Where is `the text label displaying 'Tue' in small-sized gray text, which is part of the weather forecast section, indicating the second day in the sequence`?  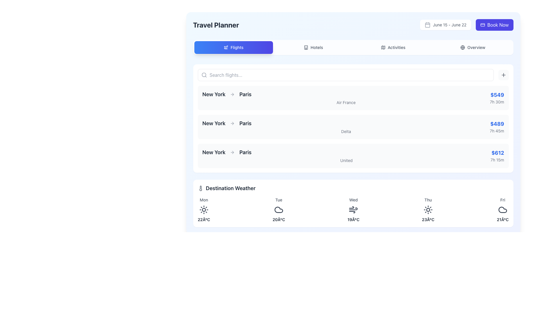
the text label displaying 'Tue' in small-sized gray text, which is part of the weather forecast section, indicating the second day in the sequence is located at coordinates (278, 200).